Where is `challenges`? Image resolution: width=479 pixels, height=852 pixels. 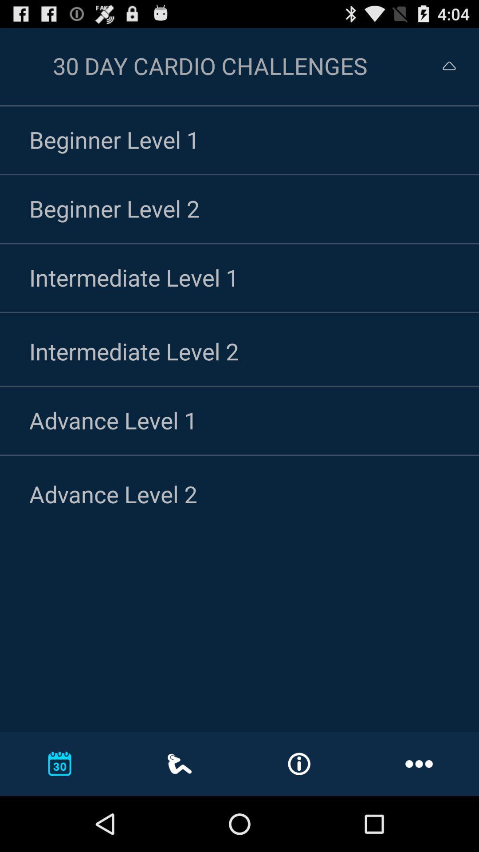 challenges is located at coordinates (441, 65).